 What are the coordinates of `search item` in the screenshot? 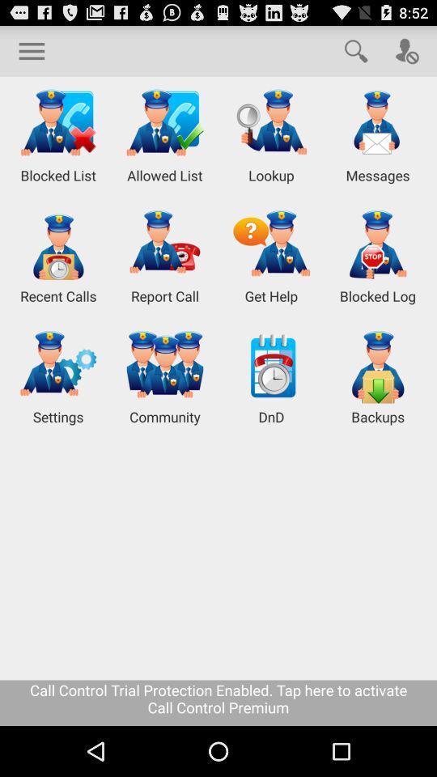 It's located at (356, 50).